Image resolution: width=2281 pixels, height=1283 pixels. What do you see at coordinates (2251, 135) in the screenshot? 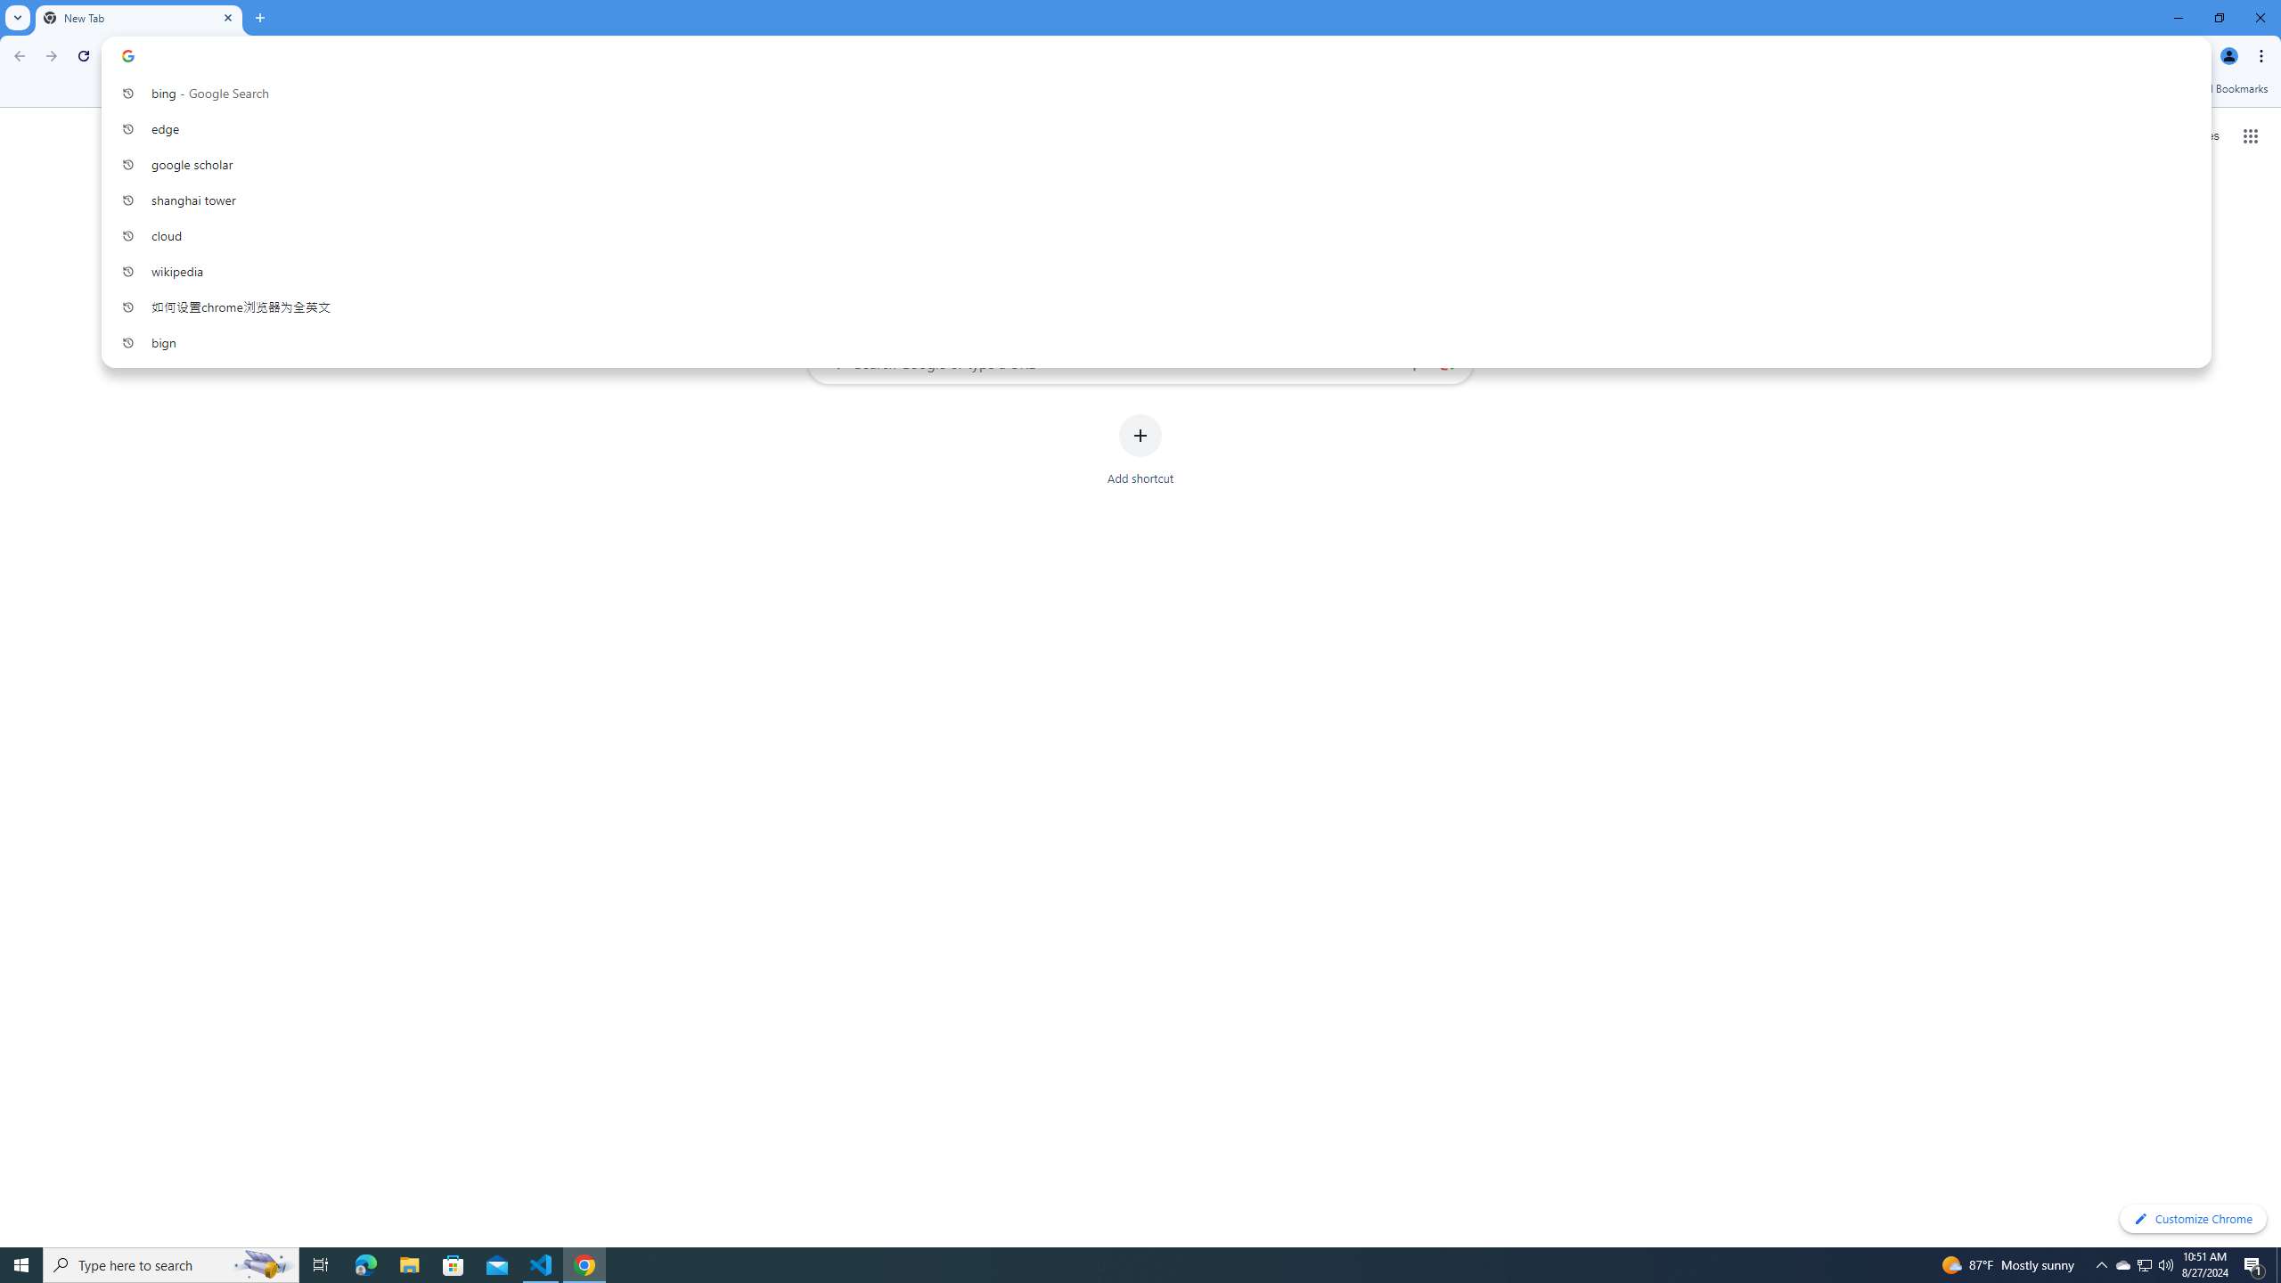
I see `'Google apps'` at bounding box center [2251, 135].